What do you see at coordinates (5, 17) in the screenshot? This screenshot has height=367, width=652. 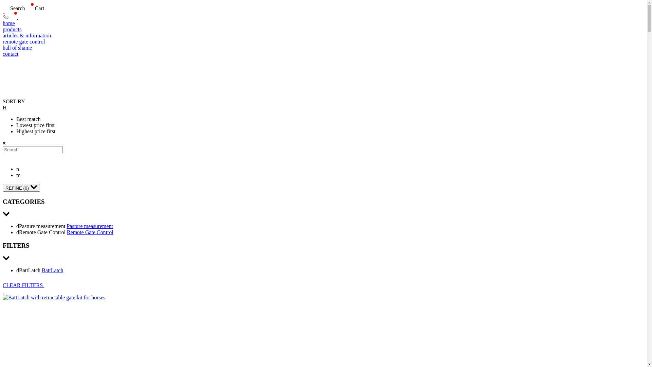 I see `'Shape Created with Sketch.'` at bounding box center [5, 17].